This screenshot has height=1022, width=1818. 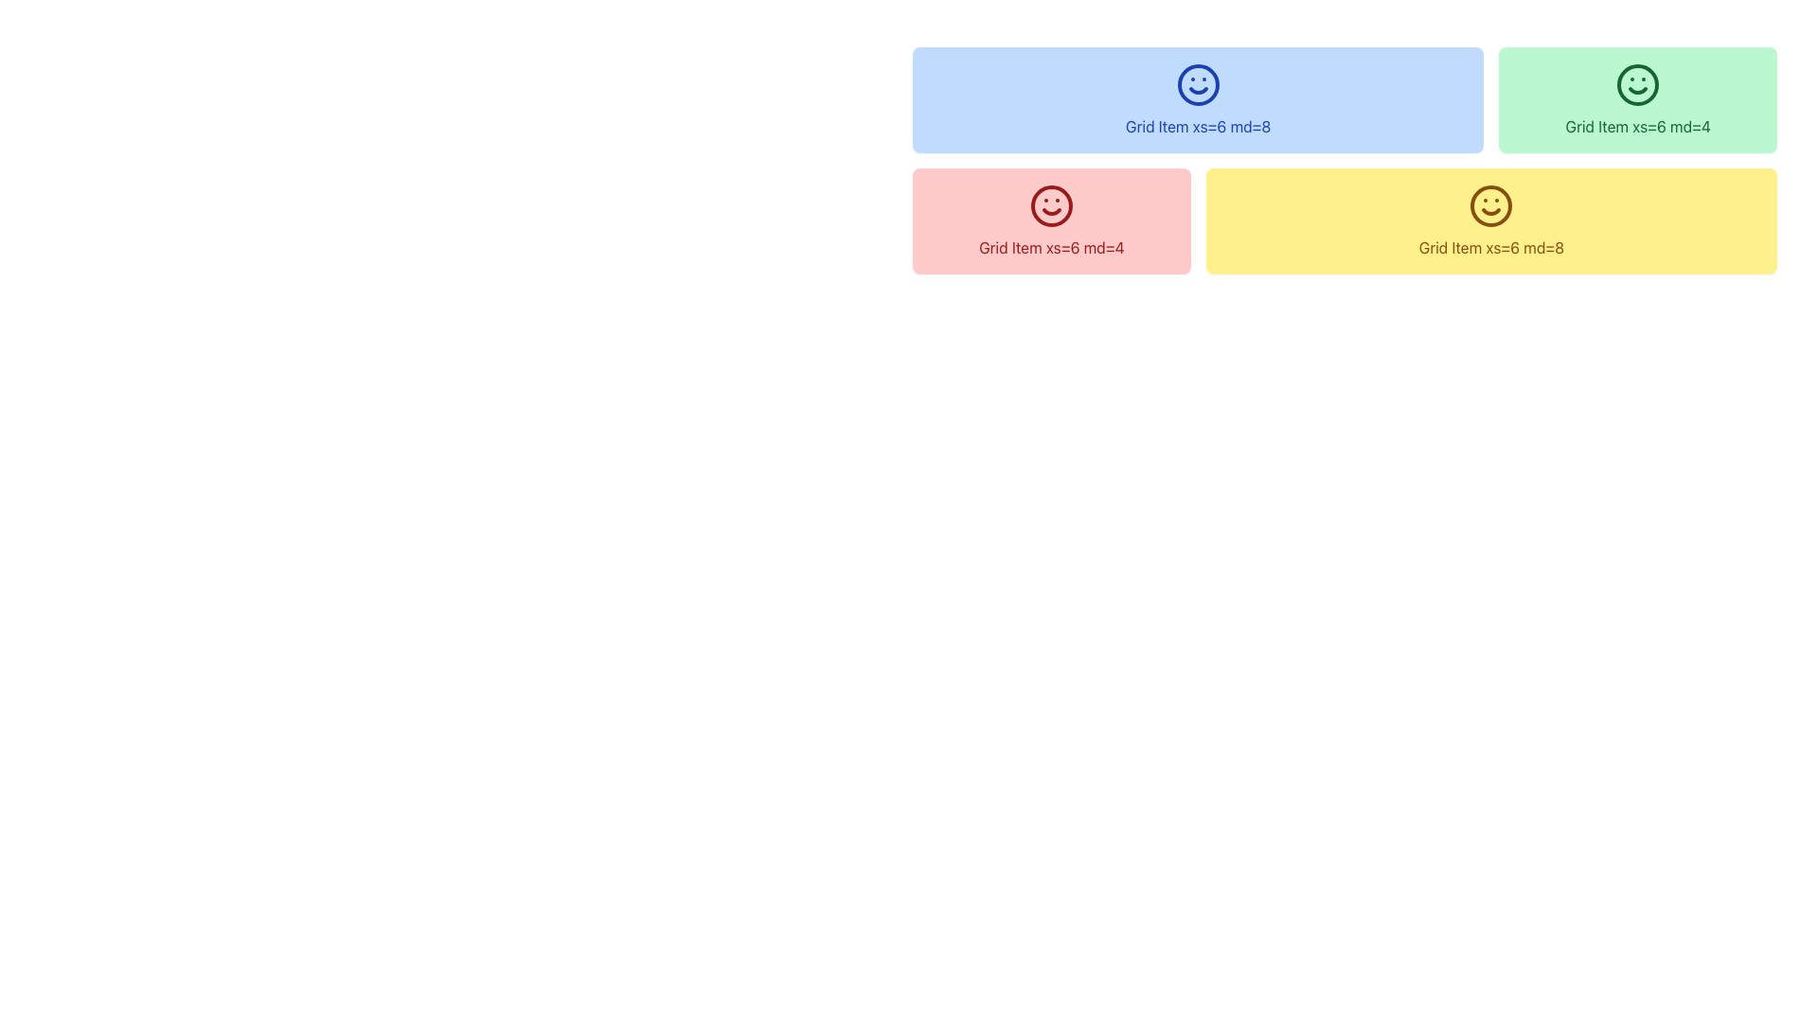 I want to click on text displayed in the text label 'xs=6 md=4' located within the red box of the 'Grid Item xs=6 md=4' component, so click(x=1083, y=247).